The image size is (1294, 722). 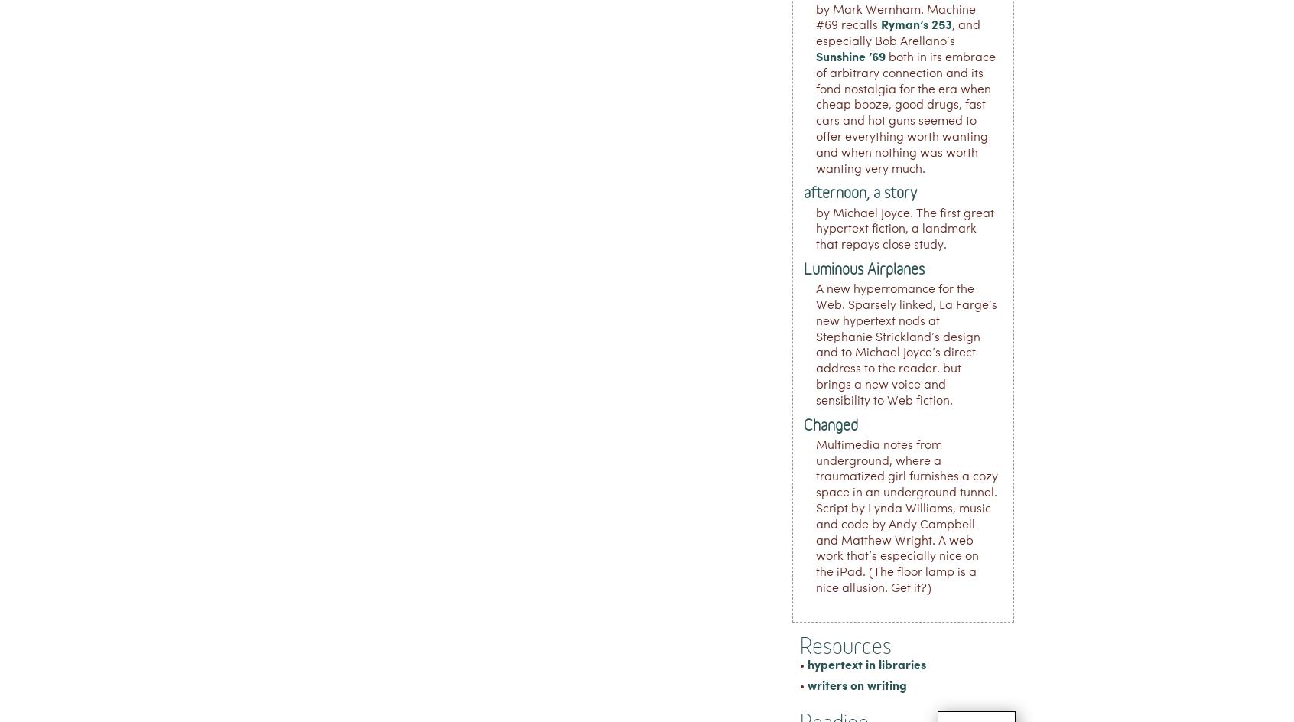 What do you see at coordinates (860, 192) in the screenshot?
I see `'afternoon, a story'` at bounding box center [860, 192].